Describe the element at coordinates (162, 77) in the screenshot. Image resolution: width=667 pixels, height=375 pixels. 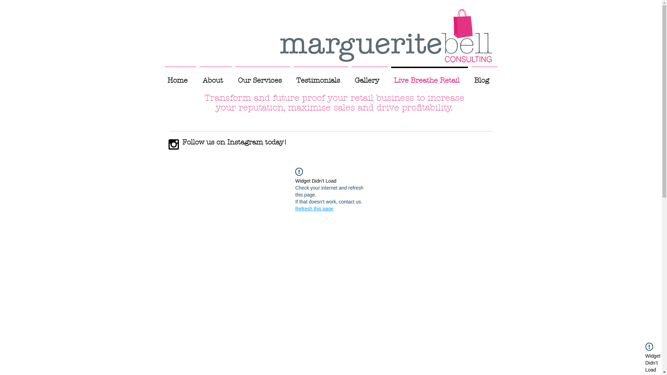
I see `'Home'` at that location.